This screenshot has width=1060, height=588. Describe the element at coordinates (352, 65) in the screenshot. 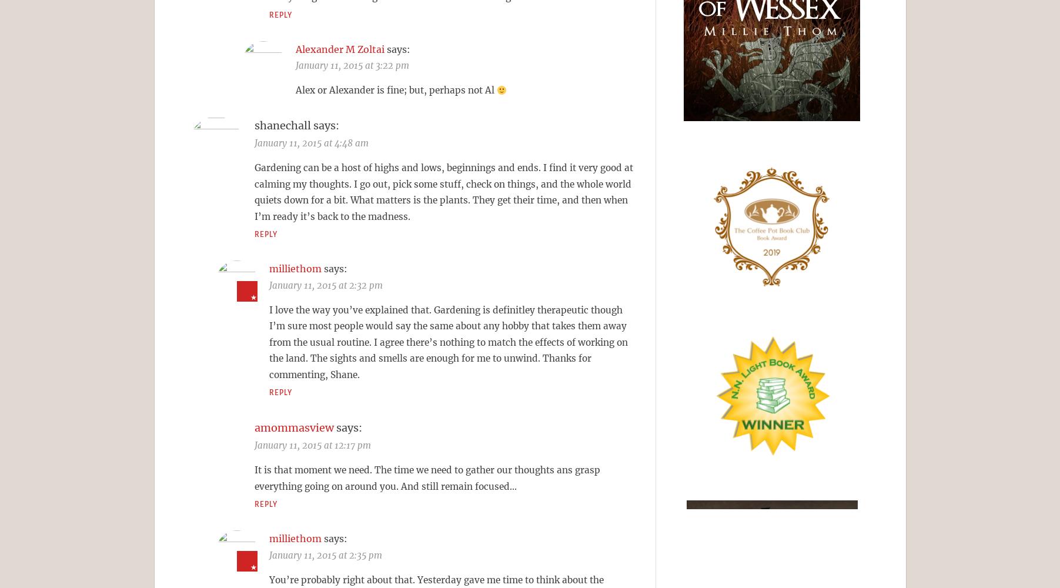

I see `'January 11, 2015 at 3:22 pm'` at that location.